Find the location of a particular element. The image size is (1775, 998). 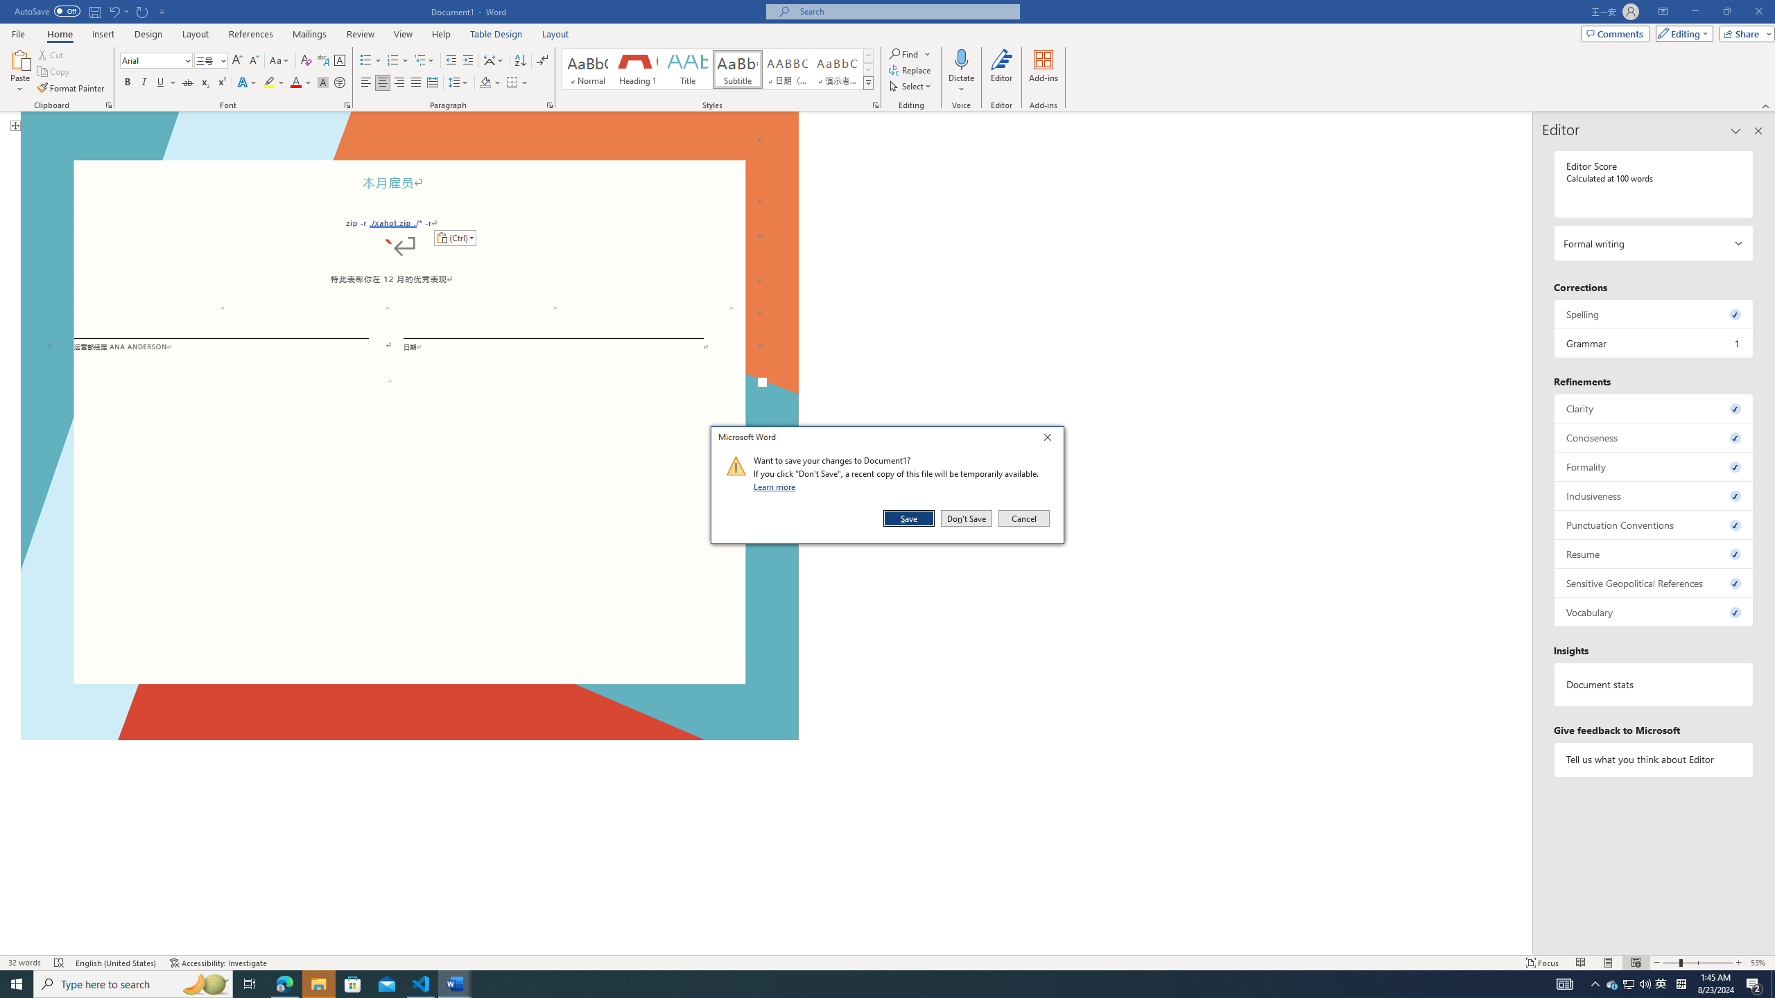

'Superscript' is located at coordinates (220, 82).